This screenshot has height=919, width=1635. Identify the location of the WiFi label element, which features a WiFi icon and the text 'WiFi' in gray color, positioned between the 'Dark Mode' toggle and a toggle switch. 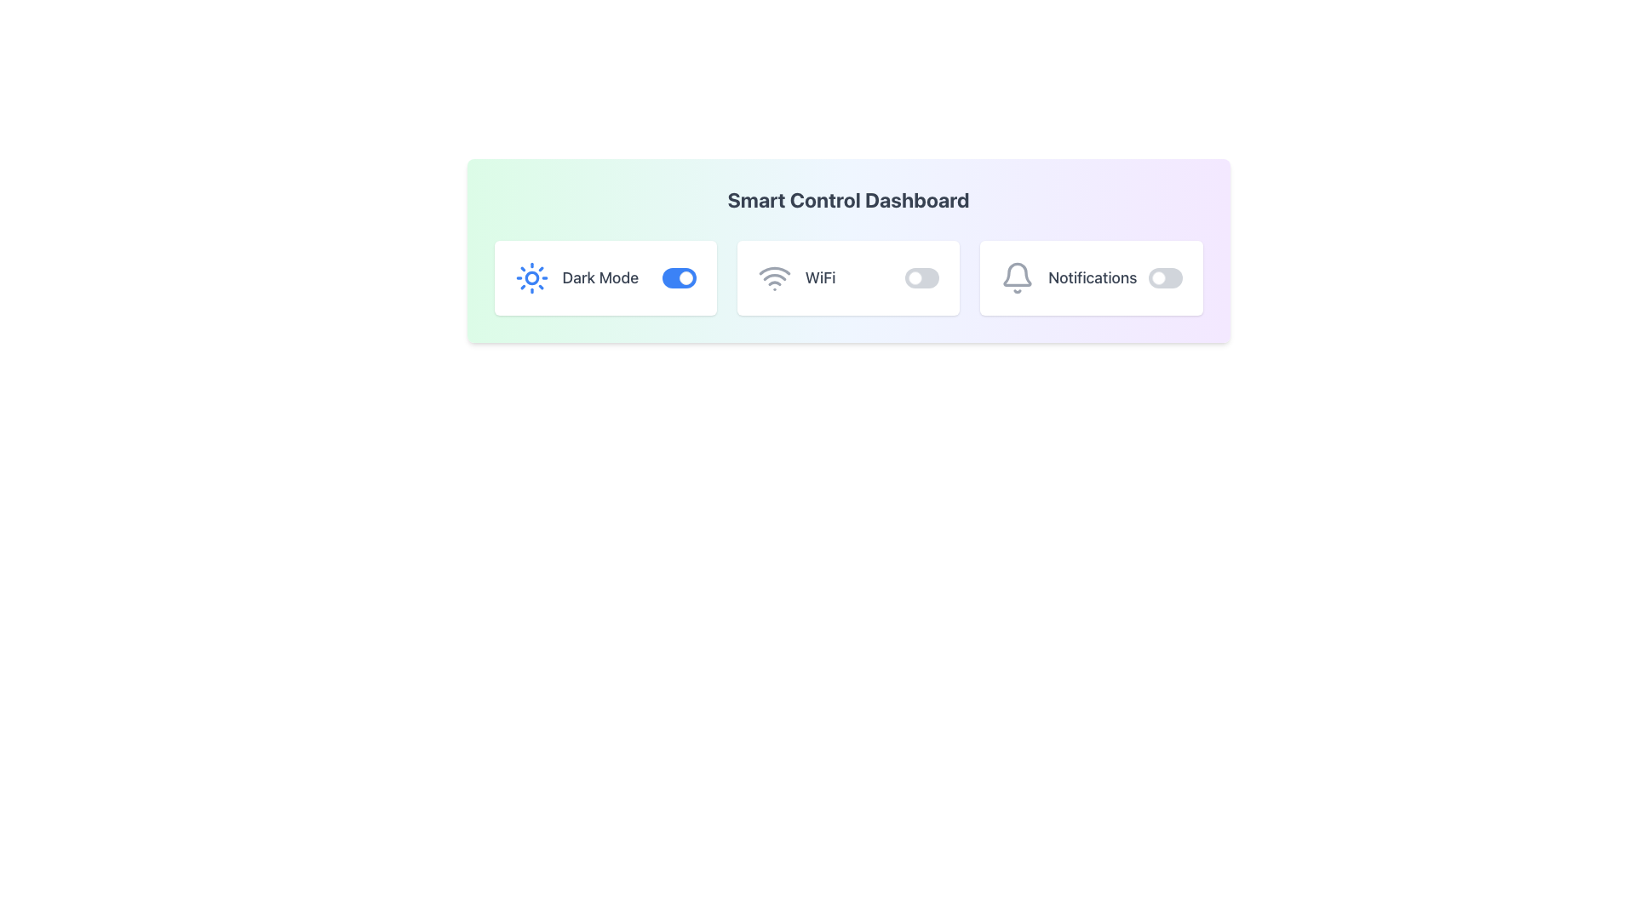
(795, 277).